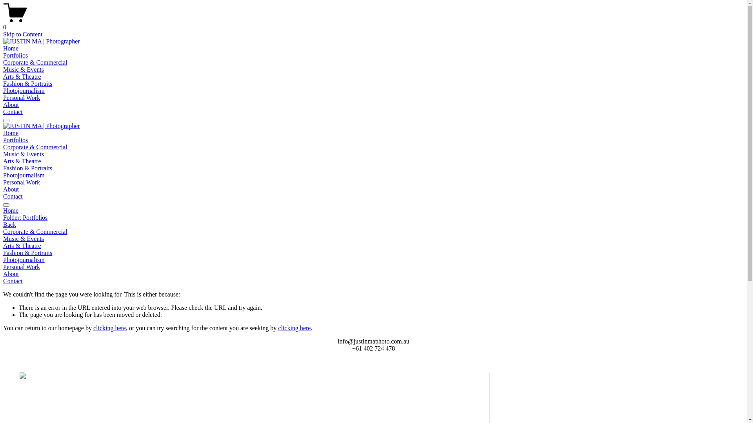  What do you see at coordinates (11, 132) in the screenshot?
I see `'Home'` at bounding box center [11, 132].